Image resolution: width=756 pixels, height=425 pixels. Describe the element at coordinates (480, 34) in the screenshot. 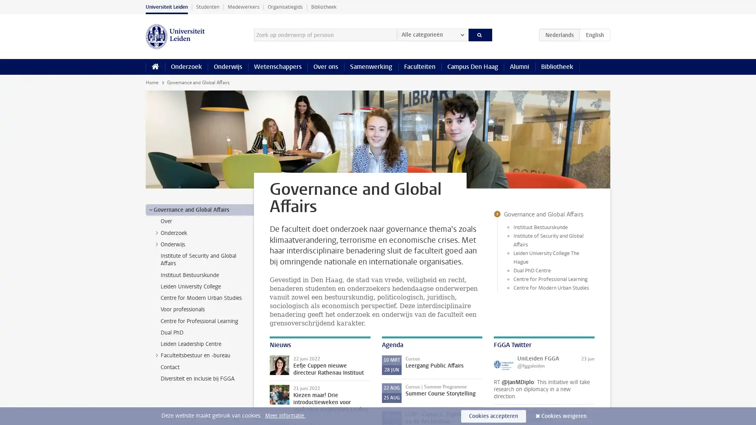

I see `Zoeken` at that location.